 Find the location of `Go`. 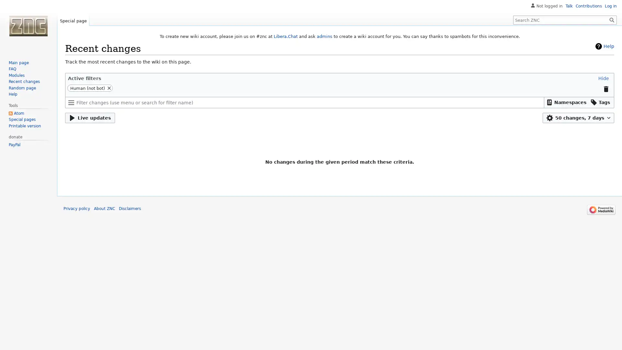

Go is located at coordinates (612, 19).